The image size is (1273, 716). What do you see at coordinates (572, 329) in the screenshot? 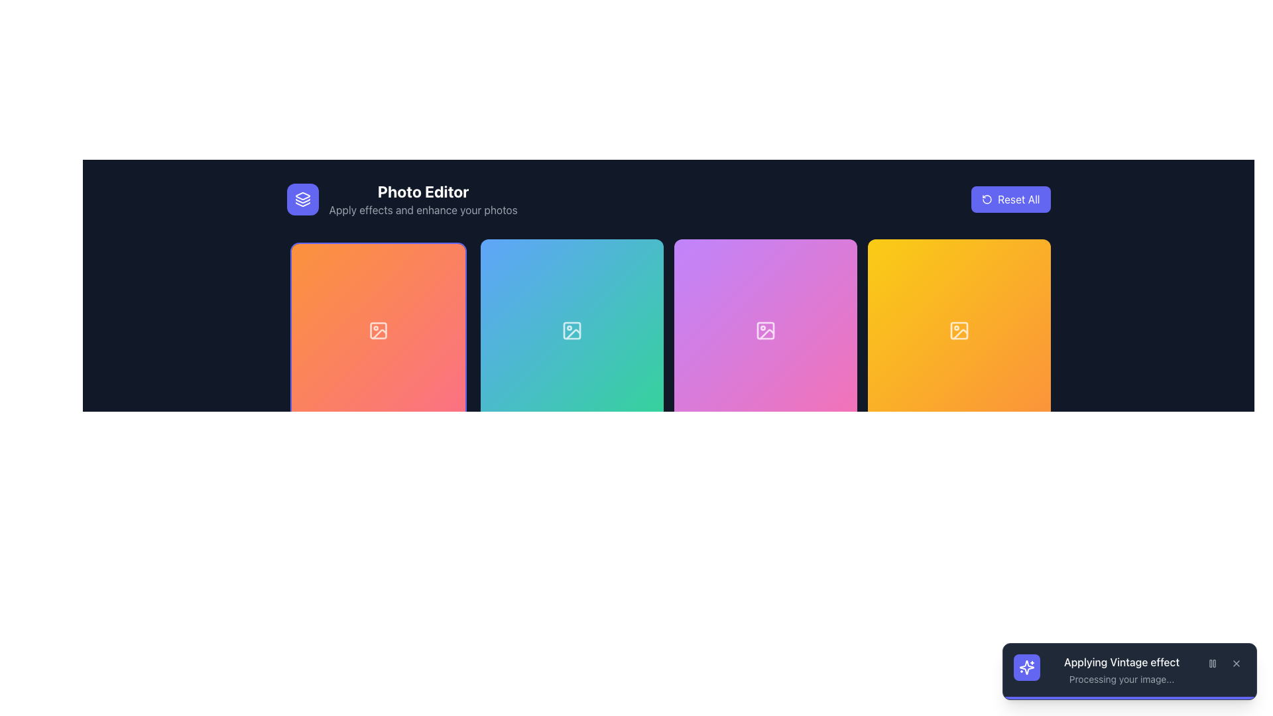
I see `the stylized image icon located on the second card from the left in a group of four cards below the 'Photo Editor' header to interact with its card` at bounding box center [572, 329].